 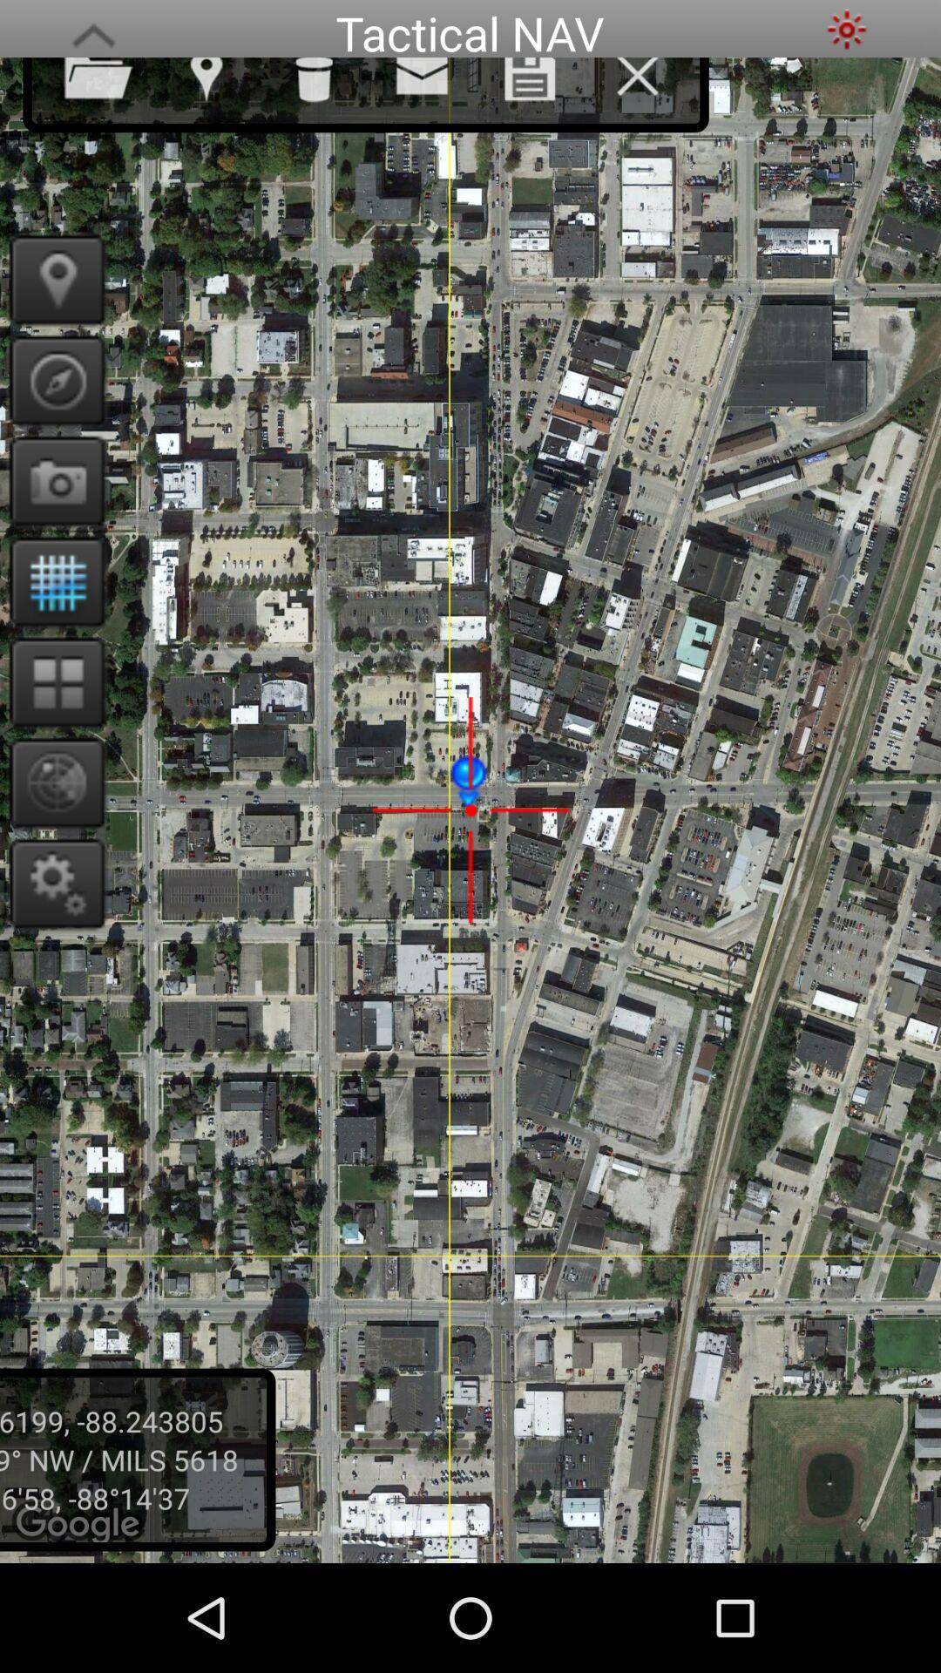 What do you see at coordinates (93, 29) in the screenshot?
I see `load more menu options` at bounding box center [93, 29].